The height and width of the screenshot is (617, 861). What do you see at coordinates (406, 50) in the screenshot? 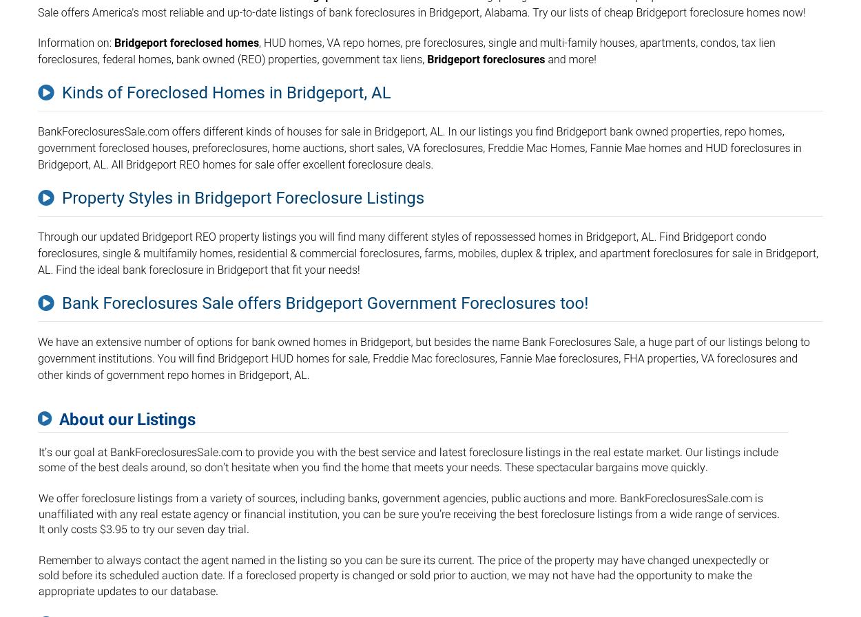
I see `', HUD homes, VA repo homes, pre foreclosures, single and multi-family houses, apartments, condos, tax lien foreclosures, federal homes, bank owned (REO) properties, government tax liens,'` at bounding box center [406, 50].